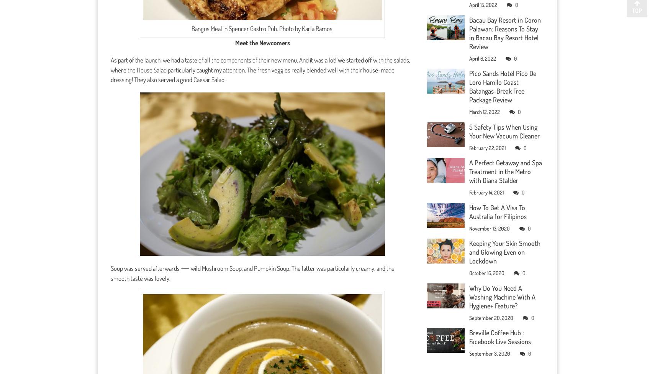  Describe the element at coordinates (484, 112) in the screenshot. I see `'March 12, 2022'` at that location.